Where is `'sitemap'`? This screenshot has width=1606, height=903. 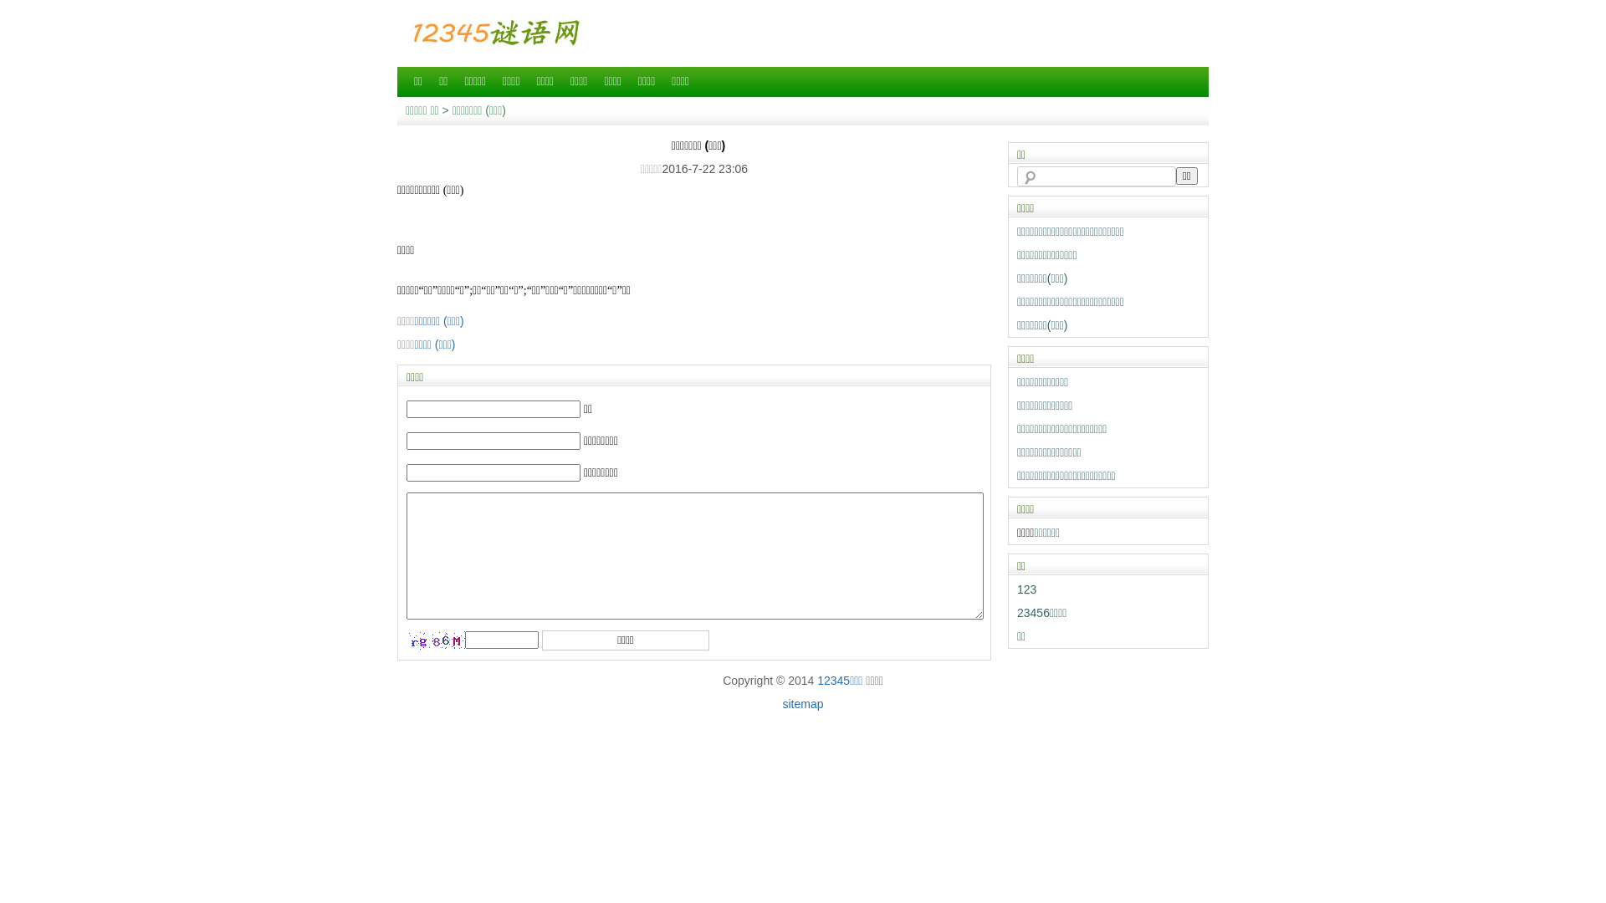 'sitemap' is located at coordinates (801, 703).